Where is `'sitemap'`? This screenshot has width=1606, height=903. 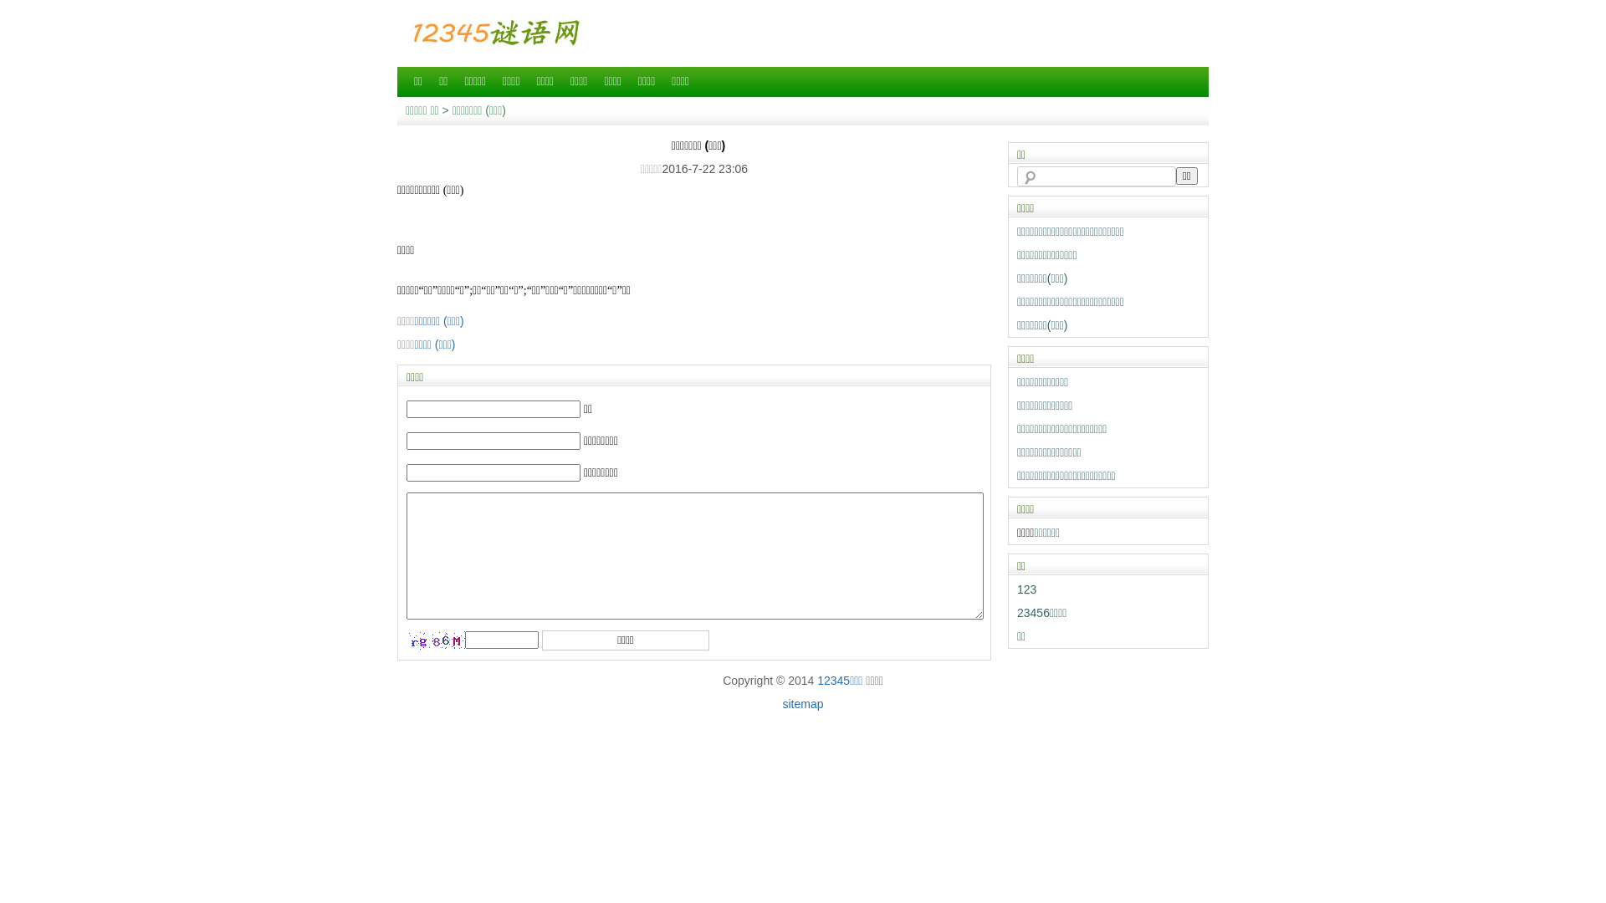 'sitemap' is located at coordinates (801, 703).